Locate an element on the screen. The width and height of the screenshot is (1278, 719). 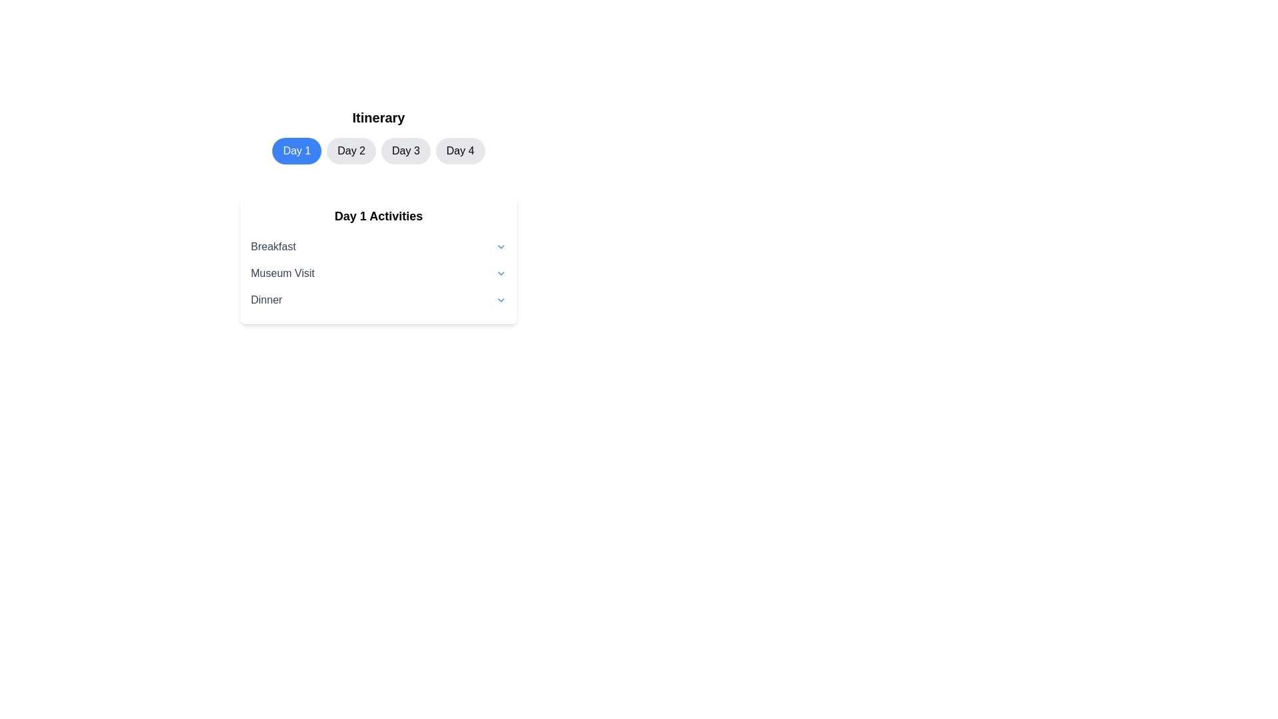
the 'Day 4' button, which is the fourth button in a horizontal sequence below the 'Itinerary' heading is located at coordinates (460, 150).